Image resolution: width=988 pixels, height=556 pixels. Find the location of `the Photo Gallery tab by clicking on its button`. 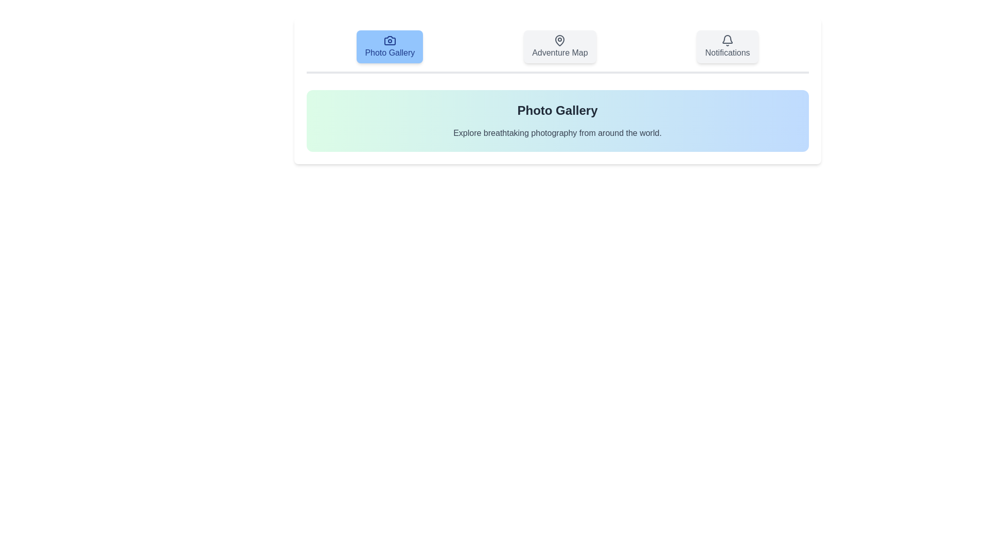

the Photo Gallery tab by clicking on its button is located at coordinates (389, 47).